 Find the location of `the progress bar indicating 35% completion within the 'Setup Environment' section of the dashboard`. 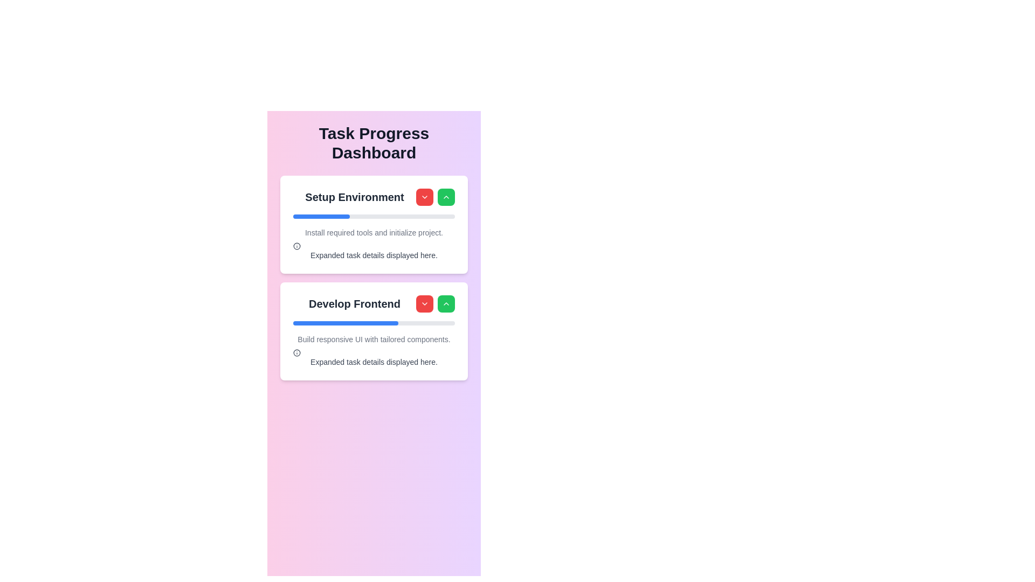

the progress bar indicating 35% completion within the 'Setup Environment' section of the dashboard is located at coordinates (321, 216).